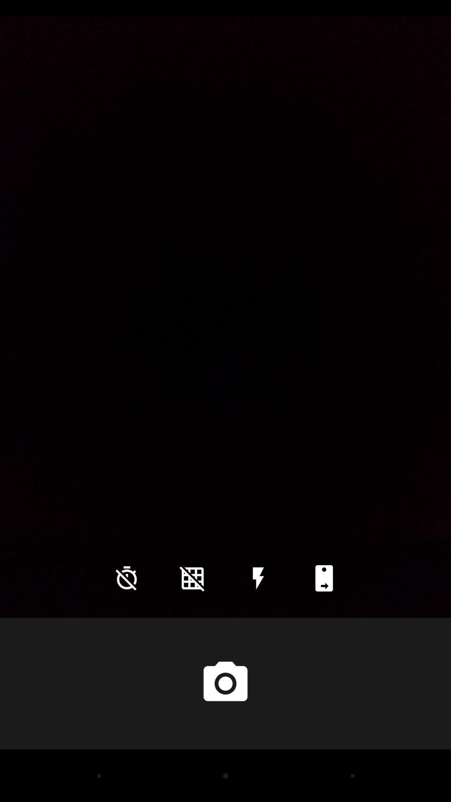 This screenshot has width=451, height=802. Describe the element at coordinates (324, 578) in the screenshot. I see `icon at the bottom right corner` at that location.